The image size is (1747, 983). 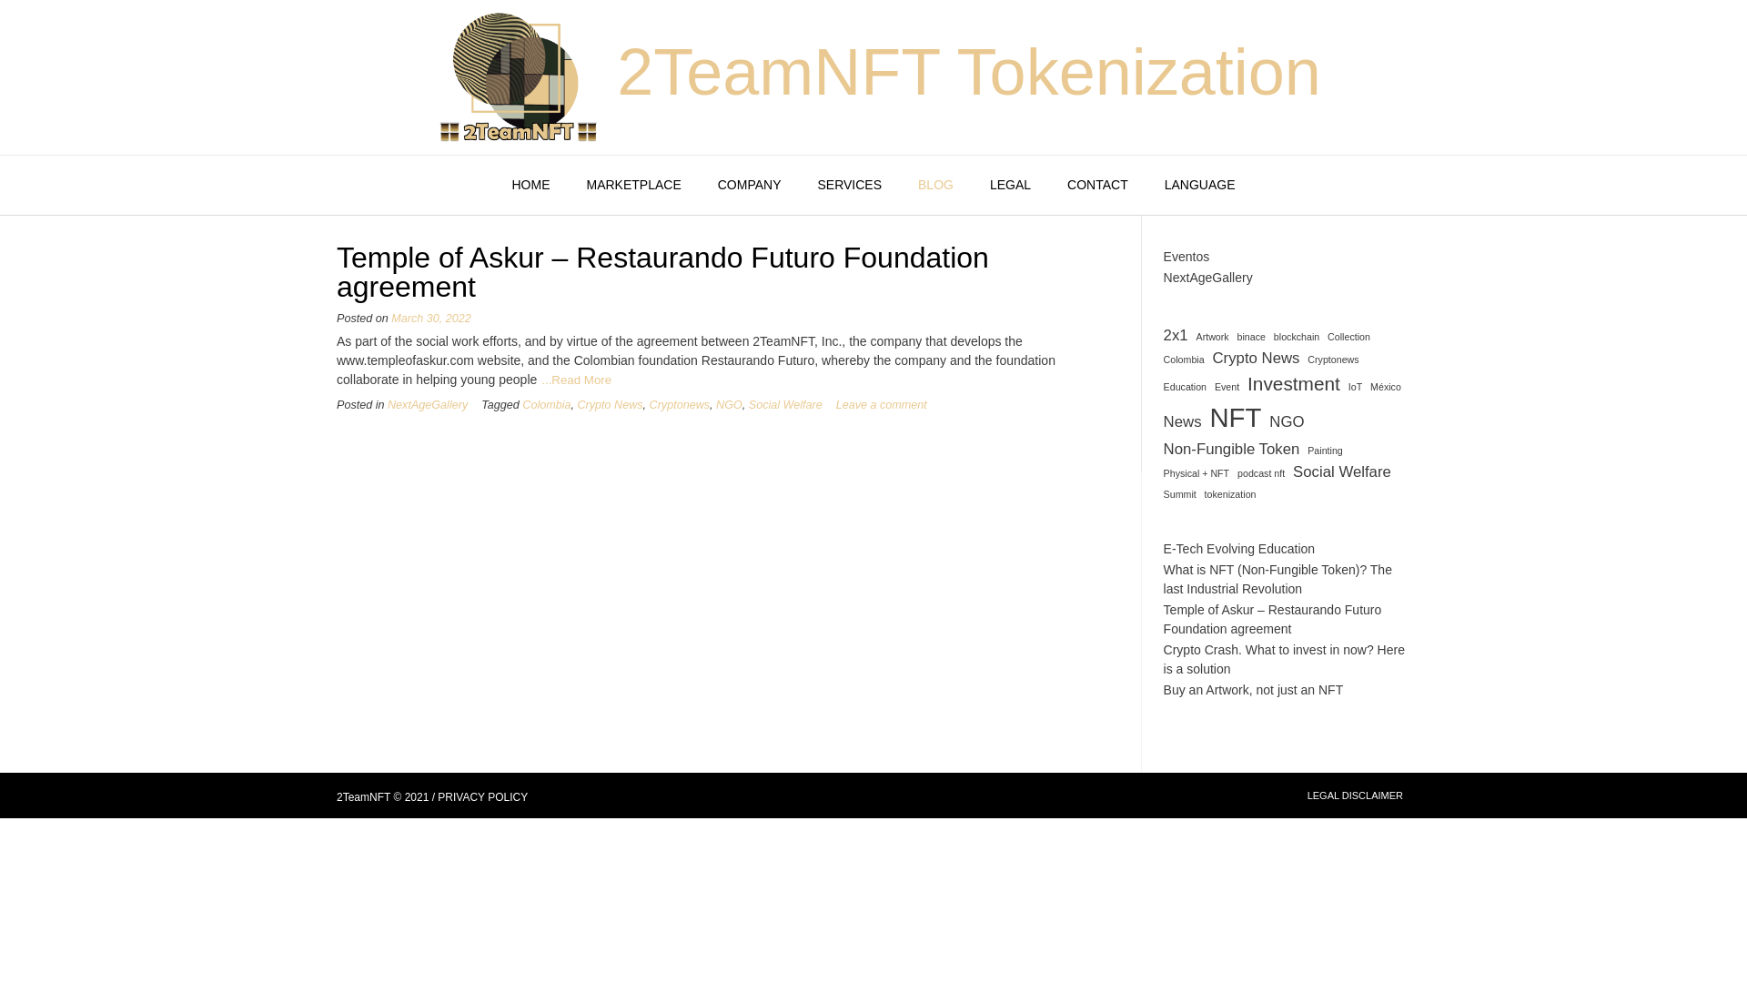 I want to click on 'Social Welfare', so click(x=748, y=403).